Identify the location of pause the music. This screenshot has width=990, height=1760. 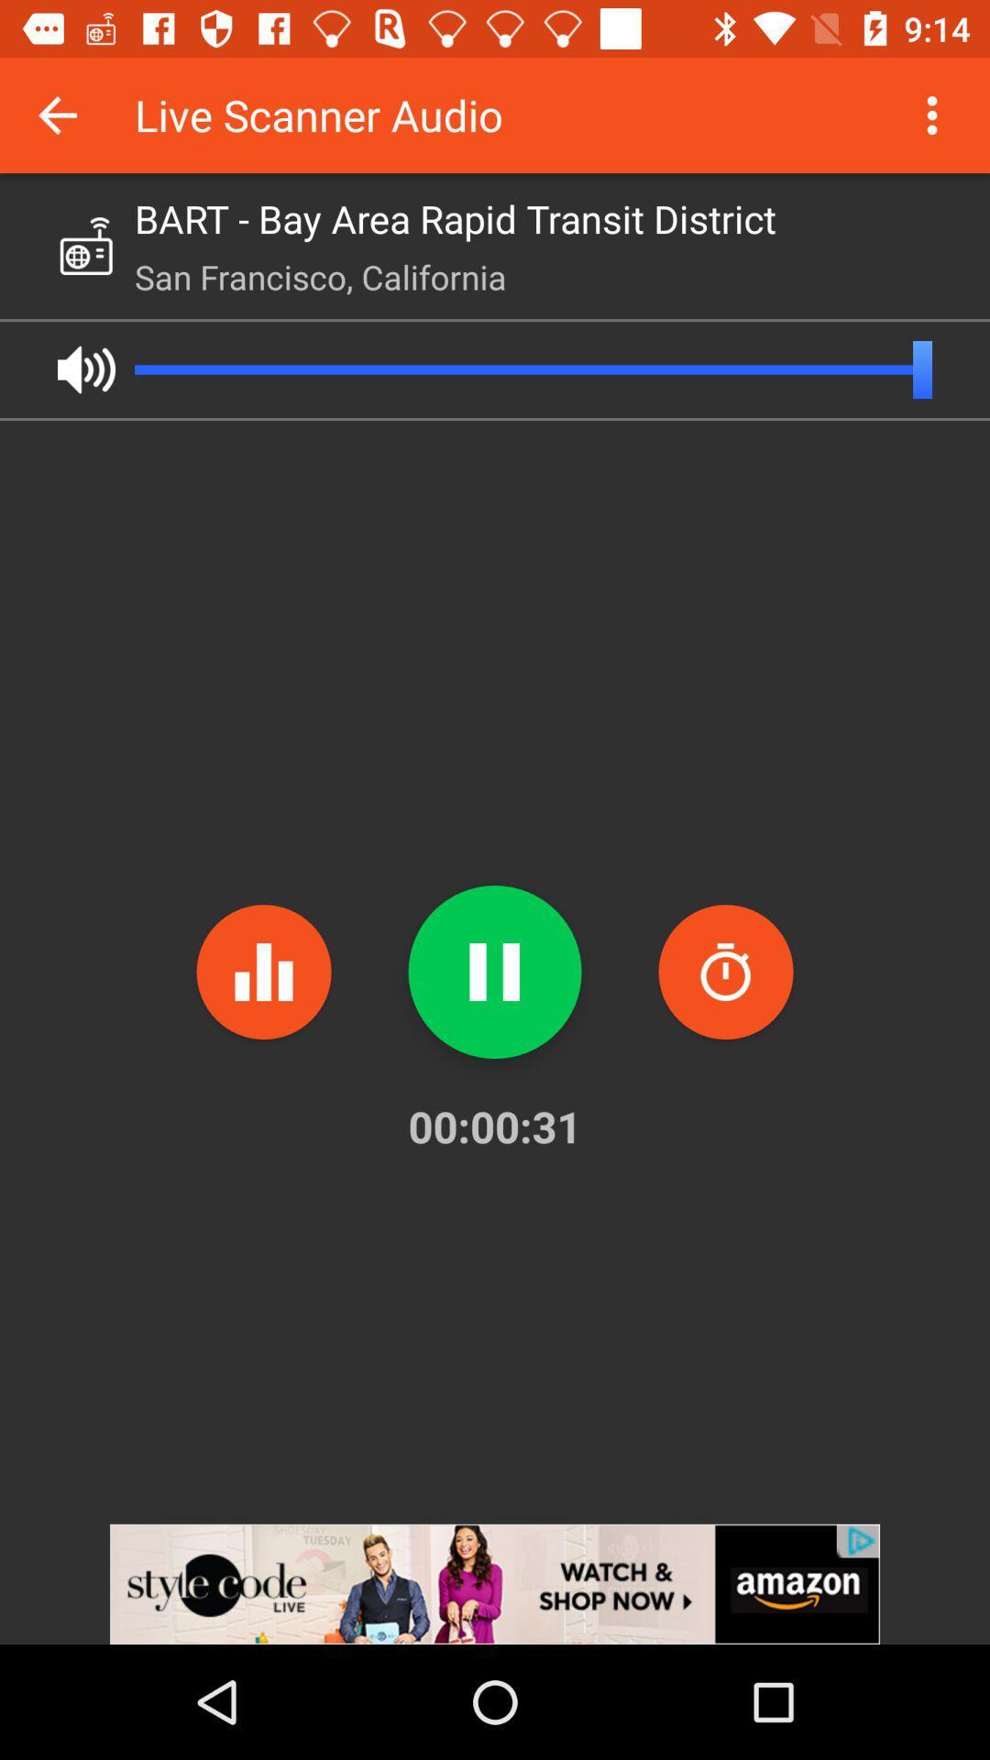
(495, 971).